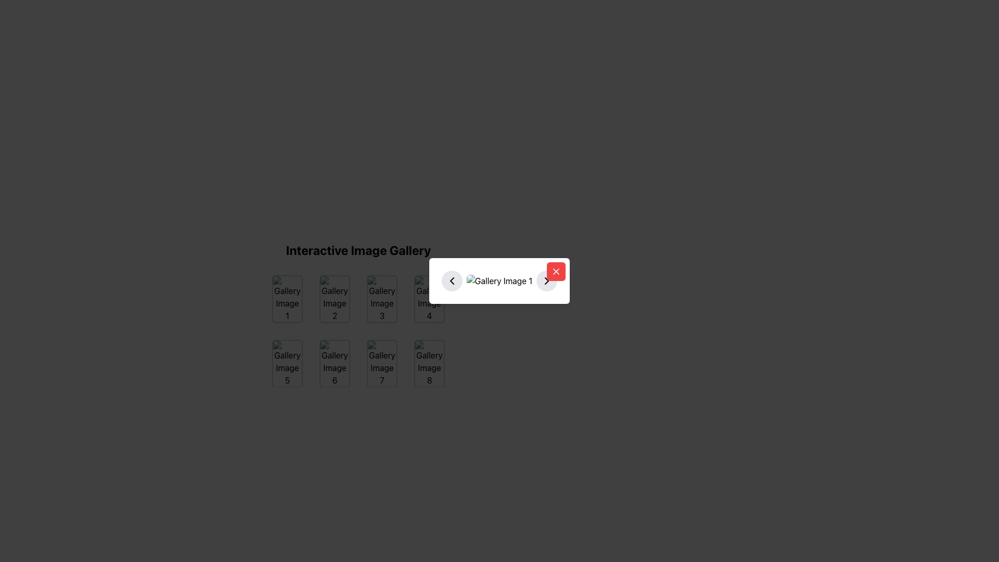 The height and width of the screenshot is (562, 999). Describe the element at coordinates (546, 281) in the screenshot. I see `the chevron arrow icon located within a circular button on the right side of the dialog box in the image gallery interface` at that location.